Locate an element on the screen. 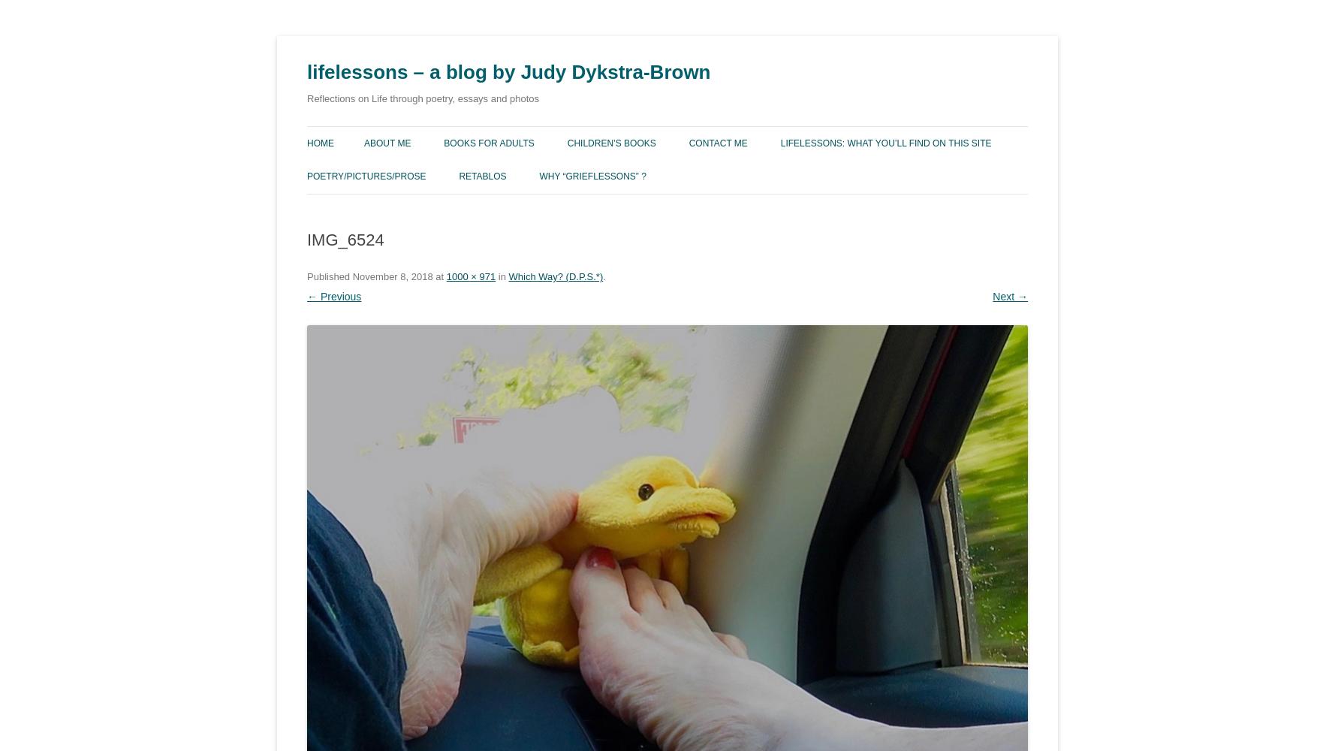  'Children’s Books' is located at coordinates (610, 143).